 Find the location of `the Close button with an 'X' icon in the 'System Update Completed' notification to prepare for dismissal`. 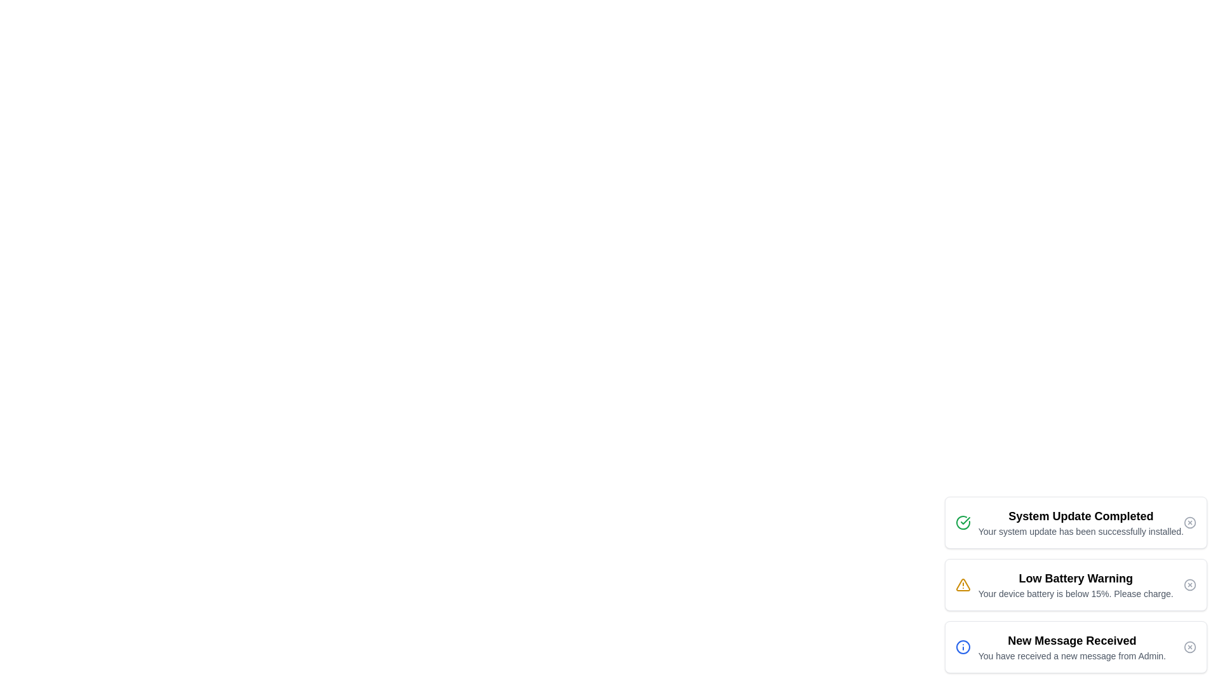

the Close button with an 'X' icon in the 'System Update Completed' notification to prepare for dismissal is located at coordinates (1189, 522).